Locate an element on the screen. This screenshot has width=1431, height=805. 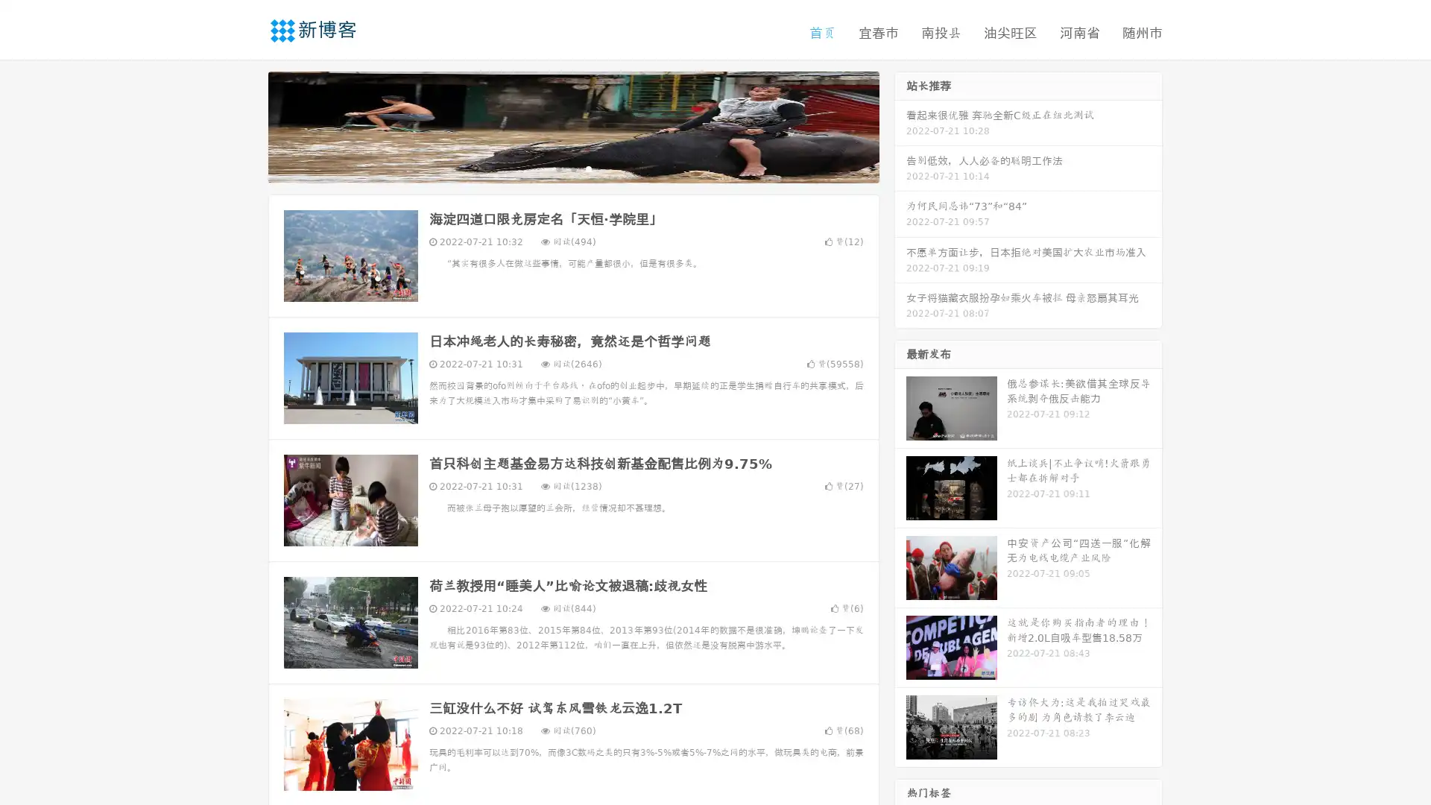
Go to slide 1 is located at coordinates (557, 168).